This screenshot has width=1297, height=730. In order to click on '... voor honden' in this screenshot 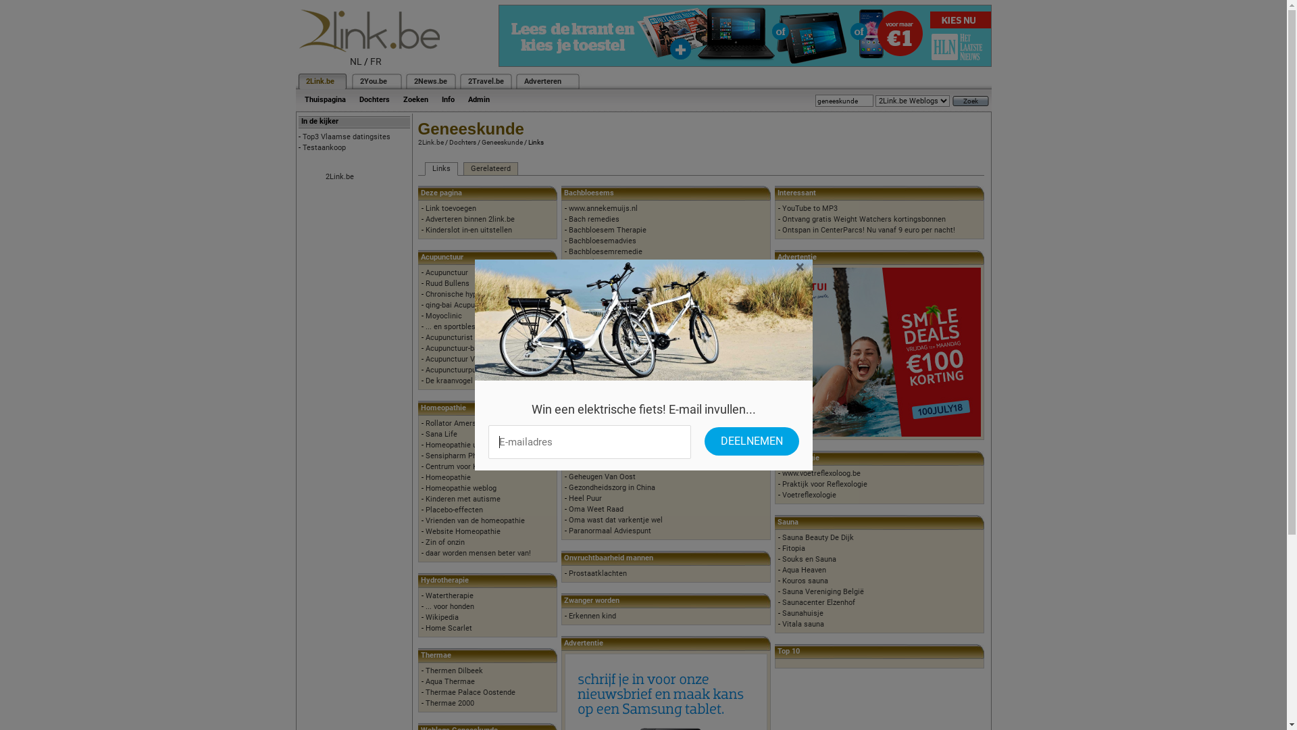, I will do `click(450, 606)`.